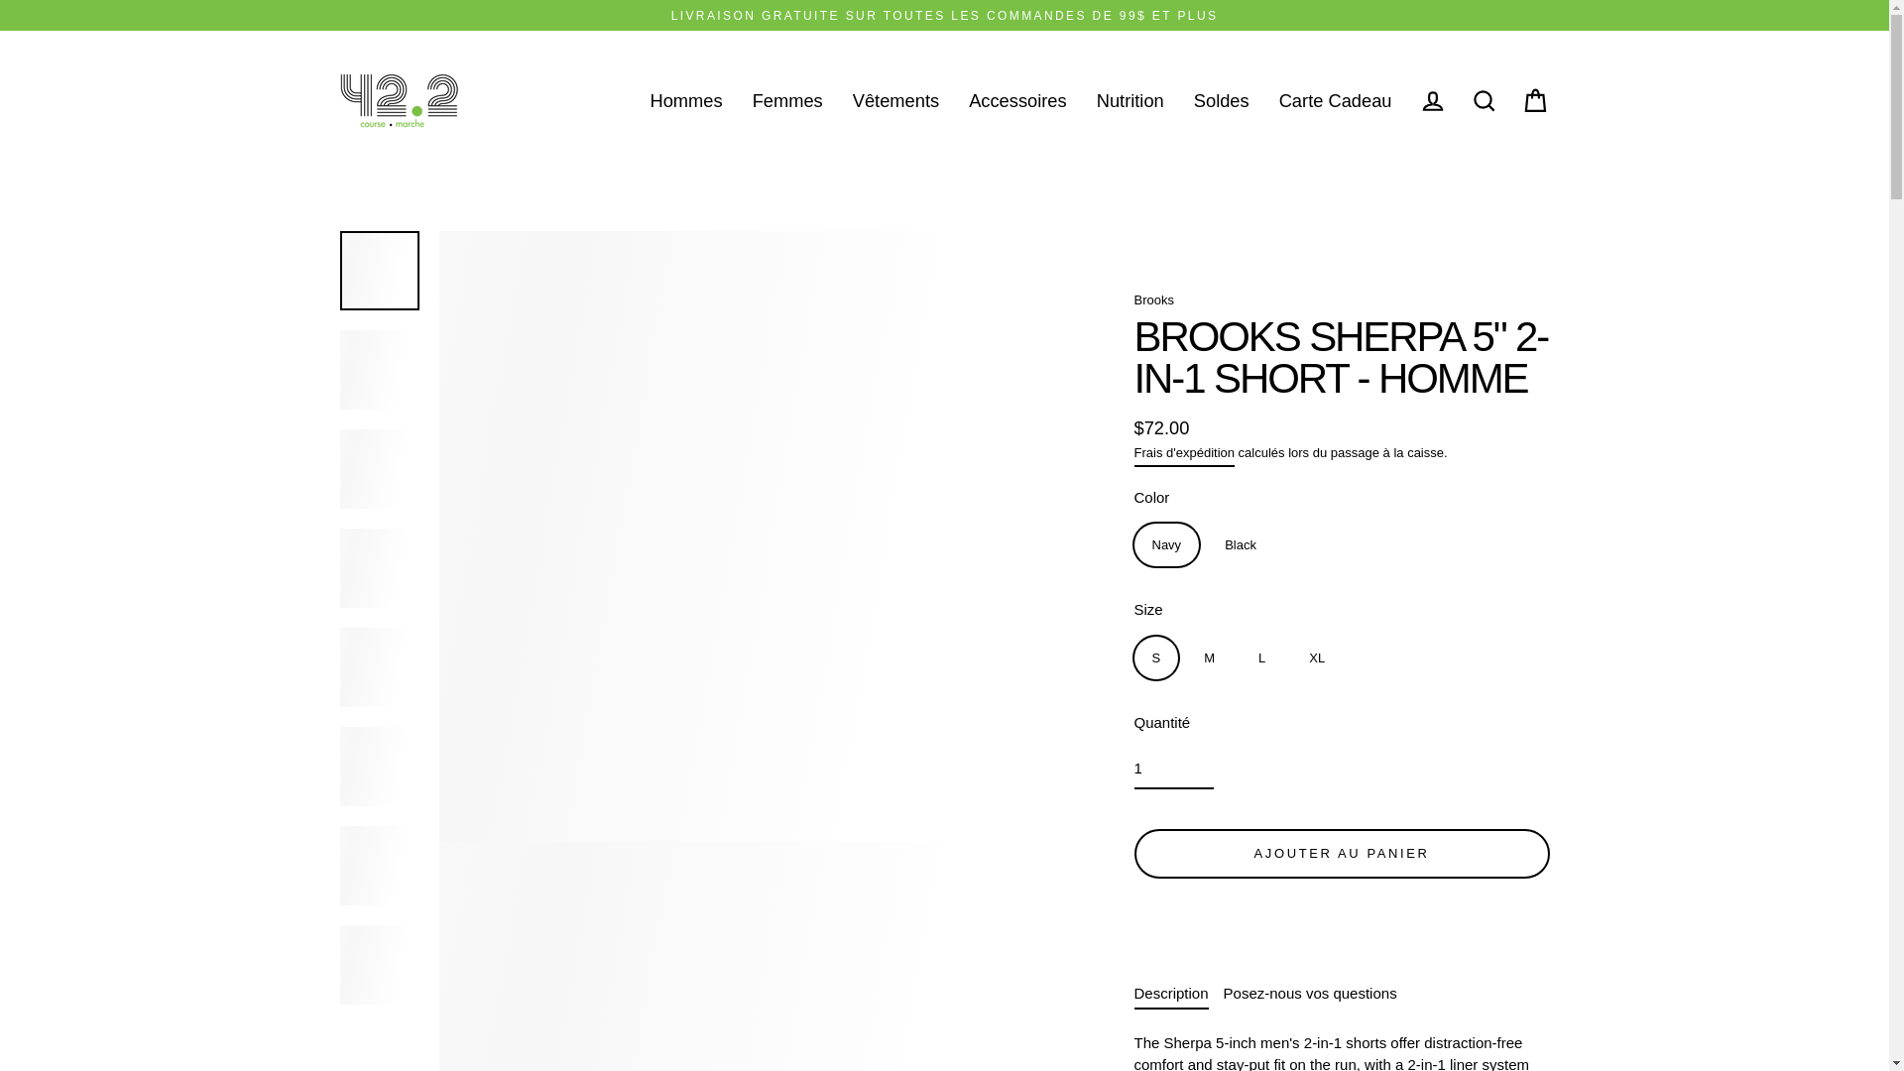 The height and width of the screenshot is (1071, 1904). Describe the element at coordinates (1222, 993) in the screenshot. I see `'Posez-nous vos questions'` at that location.